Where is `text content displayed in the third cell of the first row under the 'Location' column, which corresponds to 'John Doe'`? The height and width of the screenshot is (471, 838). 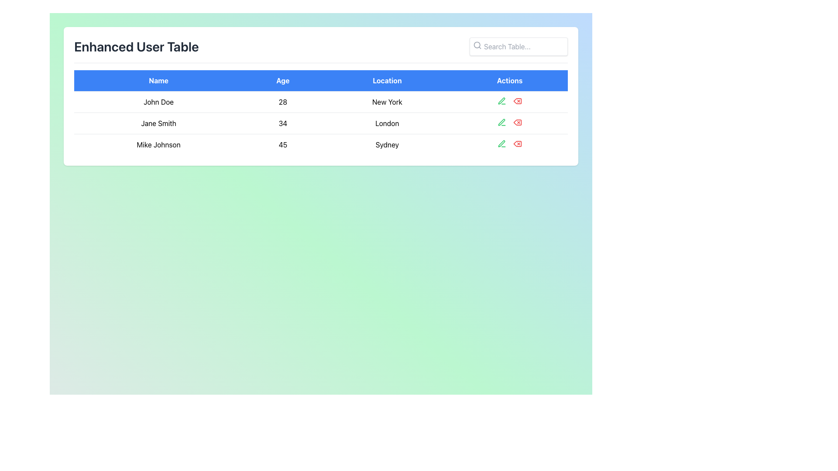 text content displayed in the third cell of the first row under the 'Location' column, which corresponds to 'John Doe' is located at coordinates (387, 102).